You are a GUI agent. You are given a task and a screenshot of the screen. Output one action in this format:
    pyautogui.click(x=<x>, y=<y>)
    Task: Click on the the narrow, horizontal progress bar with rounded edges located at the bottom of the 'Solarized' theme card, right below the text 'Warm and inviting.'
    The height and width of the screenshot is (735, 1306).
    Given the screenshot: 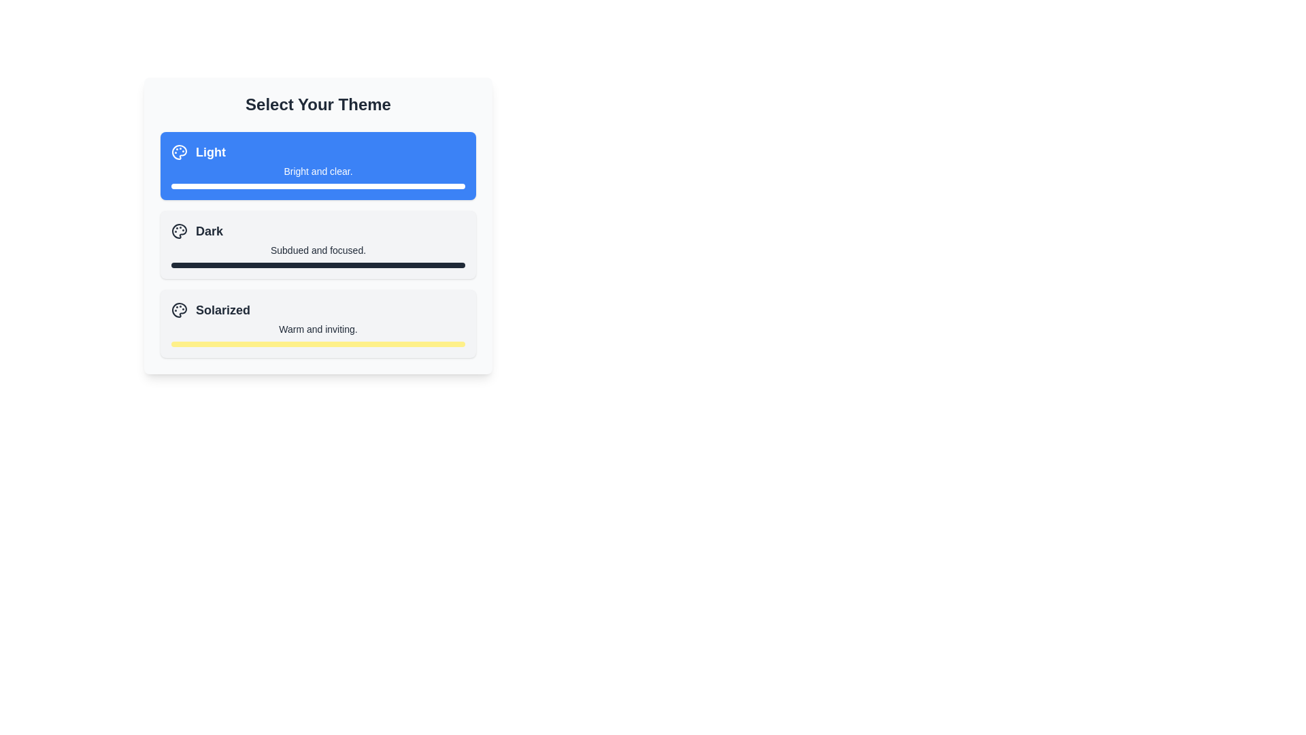 What is the action you would take?
    pyautogui.click(x=317, y=343)
    